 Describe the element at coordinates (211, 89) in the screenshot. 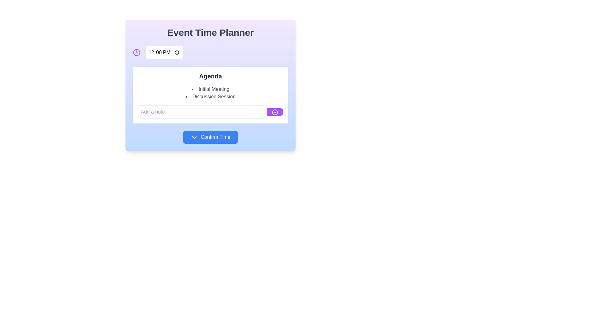

I see `the label element containing the text 'Initial Meeting' styled in gray, which is part of an indented bulleted list under the heading 'Agenda'` at that location.